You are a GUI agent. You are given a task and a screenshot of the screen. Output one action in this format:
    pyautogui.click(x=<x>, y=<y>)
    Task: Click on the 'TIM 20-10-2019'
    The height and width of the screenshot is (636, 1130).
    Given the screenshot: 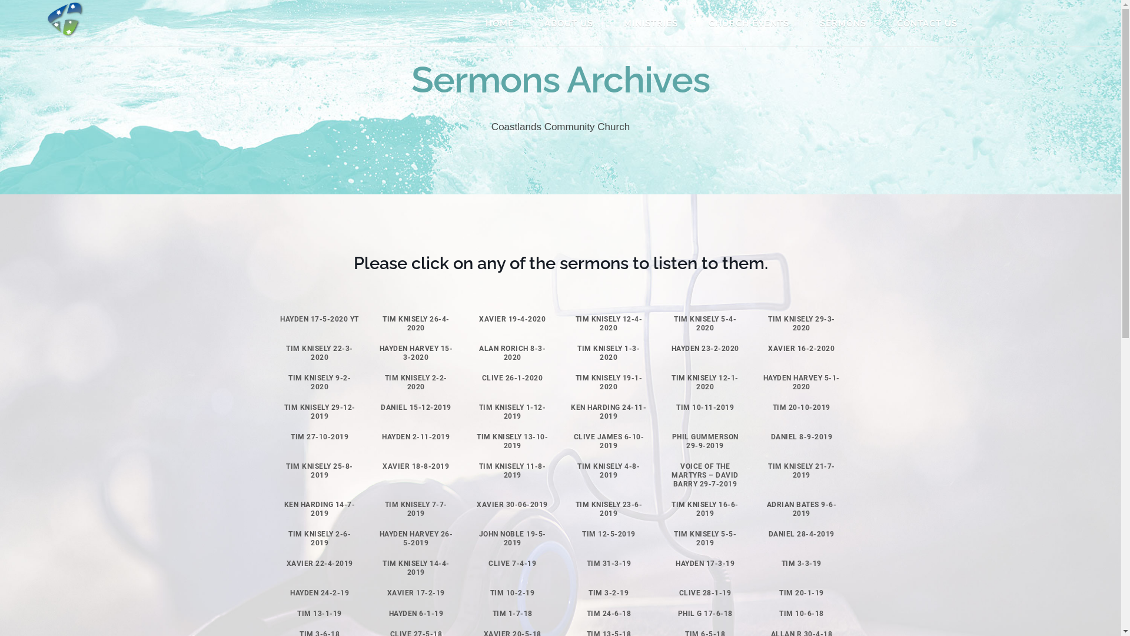 What is the action you would take?
    pyautogui.click(x=801, y=406)
    